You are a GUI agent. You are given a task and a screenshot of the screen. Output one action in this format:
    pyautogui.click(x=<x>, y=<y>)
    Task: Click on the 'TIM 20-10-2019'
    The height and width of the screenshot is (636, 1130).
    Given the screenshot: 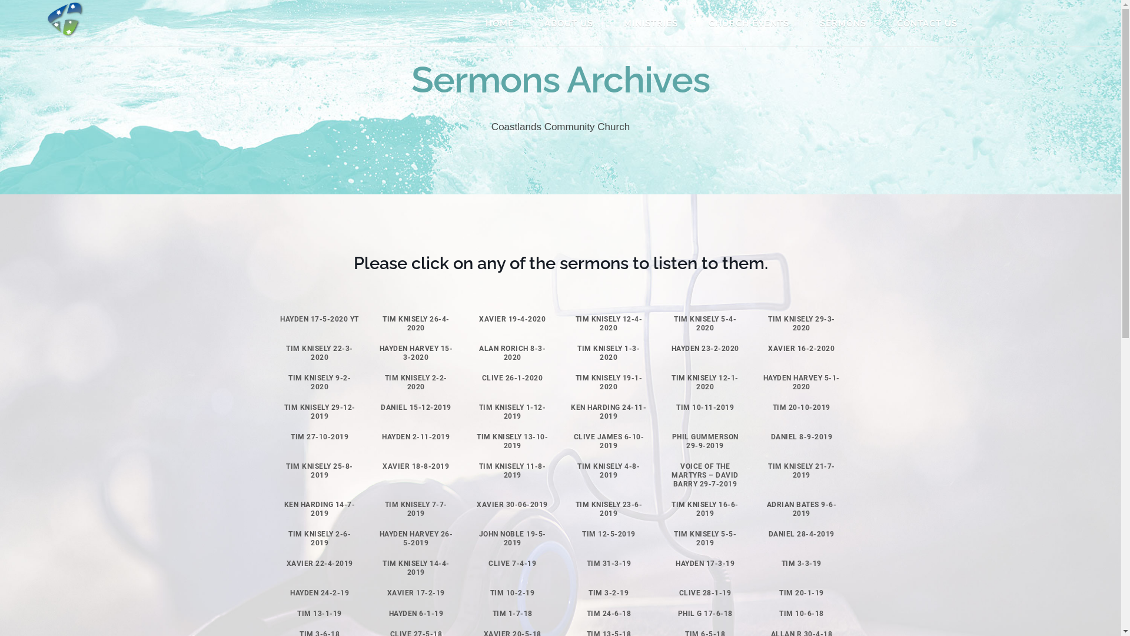 What is the action you would take?
    pyautogui.click(x=801, y=406)
    